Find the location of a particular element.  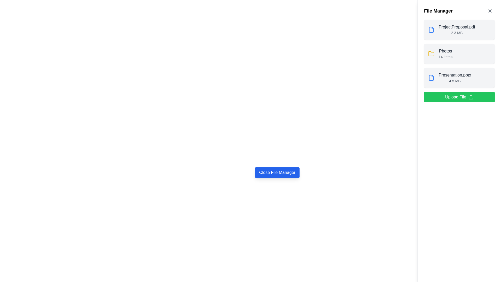

the text label indicating the 'Photos' folder, which describes the folder's content and is located in the second row of the list on the right-hand sidebar of the 'File Manager' interface is located at coordinates (445, 54).